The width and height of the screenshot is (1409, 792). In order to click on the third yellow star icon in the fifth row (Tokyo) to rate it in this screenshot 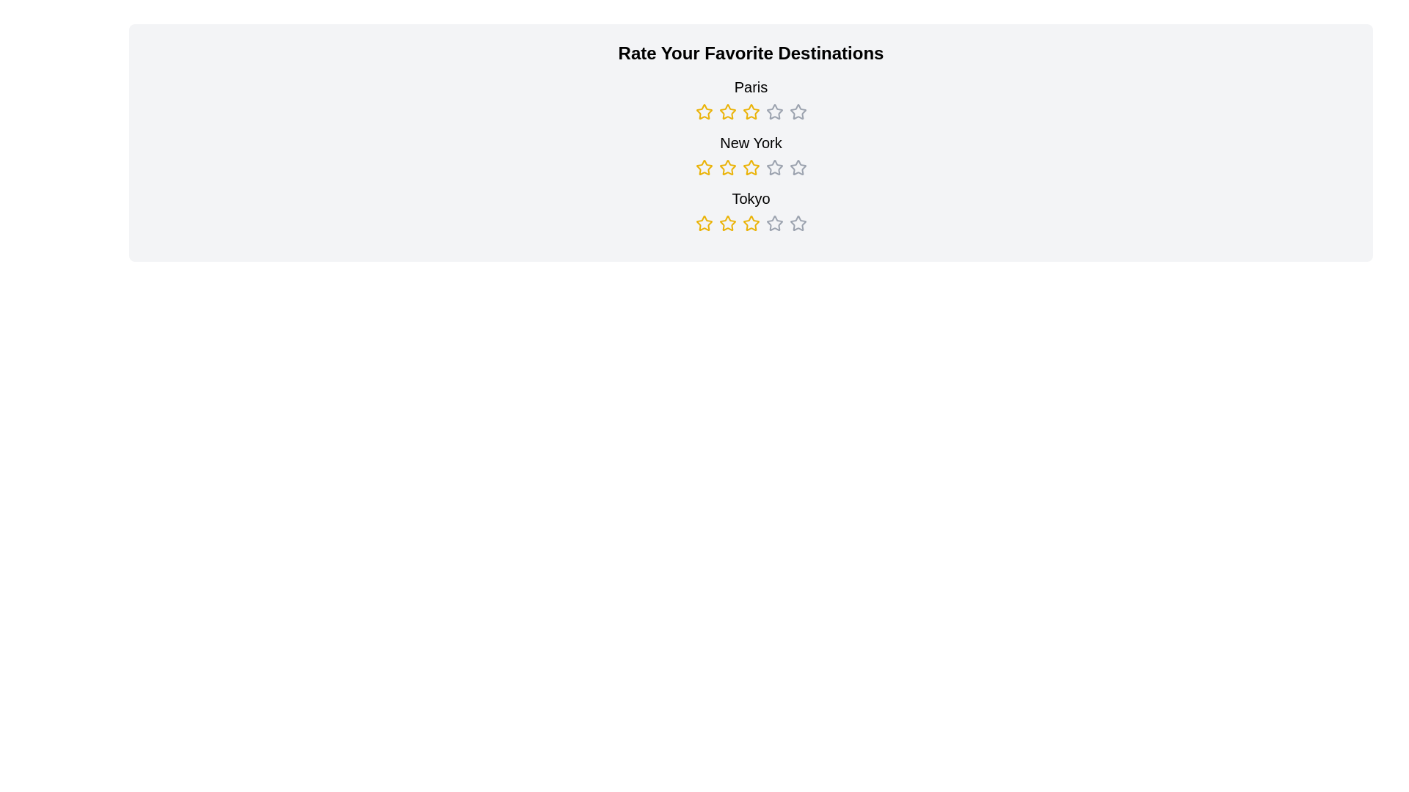, I will do `click(727, 223)`.